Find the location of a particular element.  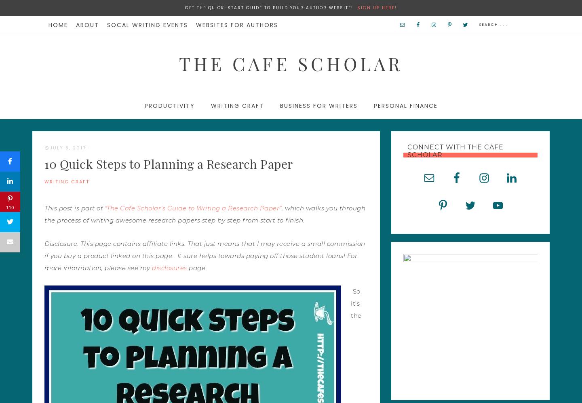

'Sign Up Here!' is located at coordinates (377, 8).